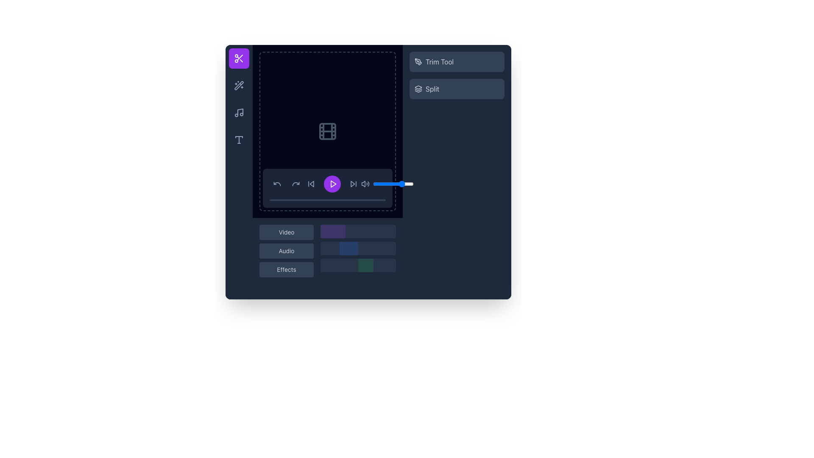 The height and width of the screenshot is (458, 814). Describe the element at coordinates (327, 258) in the screenshot. I see `the 'Effects' button in the Interactive panel located at the bottom-left corner of the interface` at that location.